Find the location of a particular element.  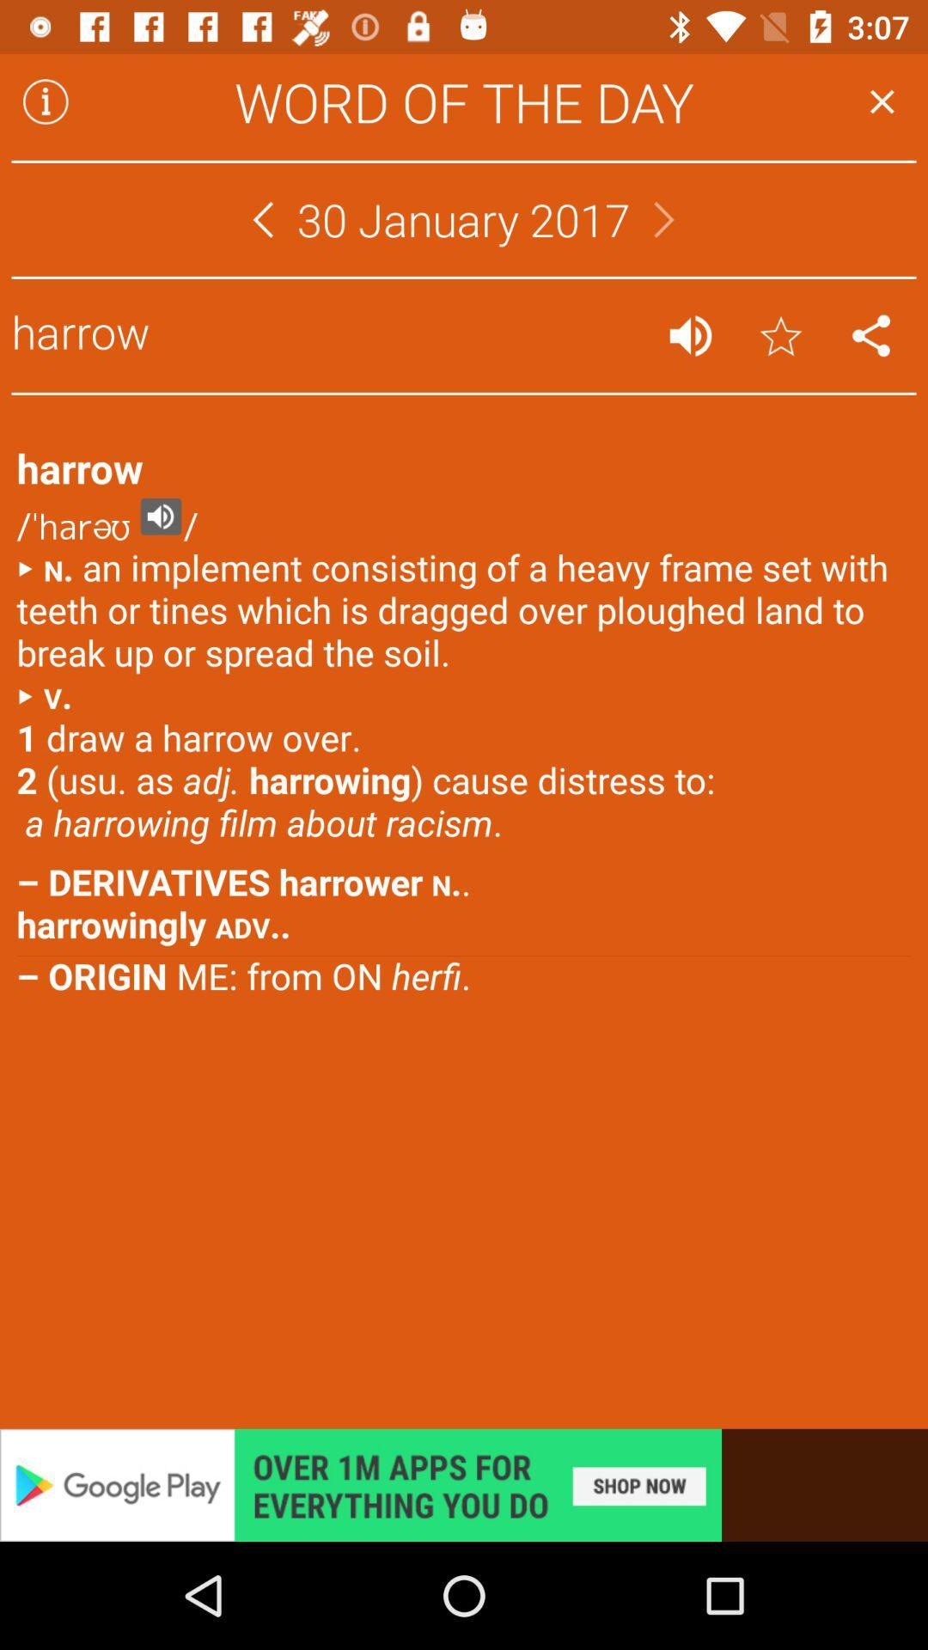

go back is located at coordinates (262, 218).